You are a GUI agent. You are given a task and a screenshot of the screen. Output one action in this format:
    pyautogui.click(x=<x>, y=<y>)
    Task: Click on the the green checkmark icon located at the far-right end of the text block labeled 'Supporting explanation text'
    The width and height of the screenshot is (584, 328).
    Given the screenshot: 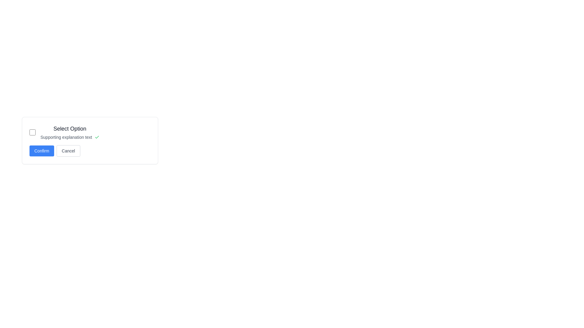 What is the action you would take?
    pyautogui.click(x=96, y=137)
    